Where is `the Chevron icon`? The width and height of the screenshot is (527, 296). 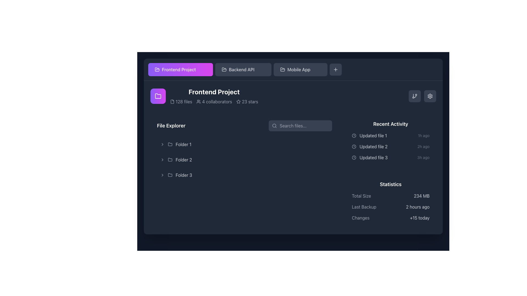
the Chevron icon is located at coordinates (162, 160).